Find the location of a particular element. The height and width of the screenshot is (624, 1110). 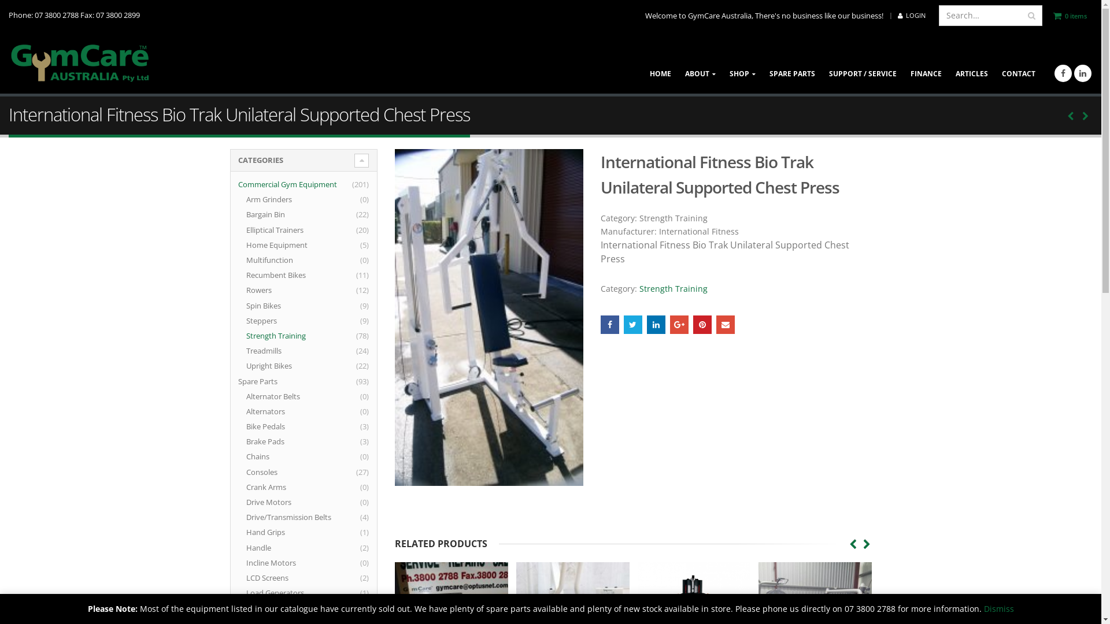

'Incline Motors' is located at coordinates (278, 562).